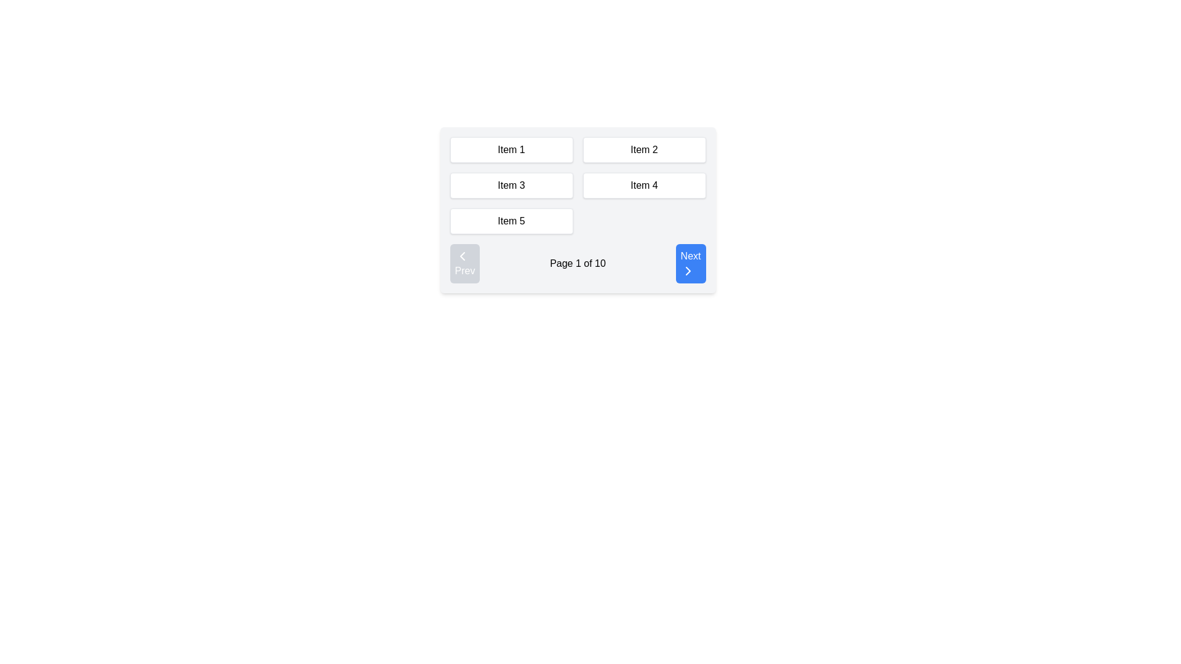 This screenshot has height=664, width=1181. I want to click on the rectangular button labeled 'Item 3' with a white background and black text, so click(511, 185).